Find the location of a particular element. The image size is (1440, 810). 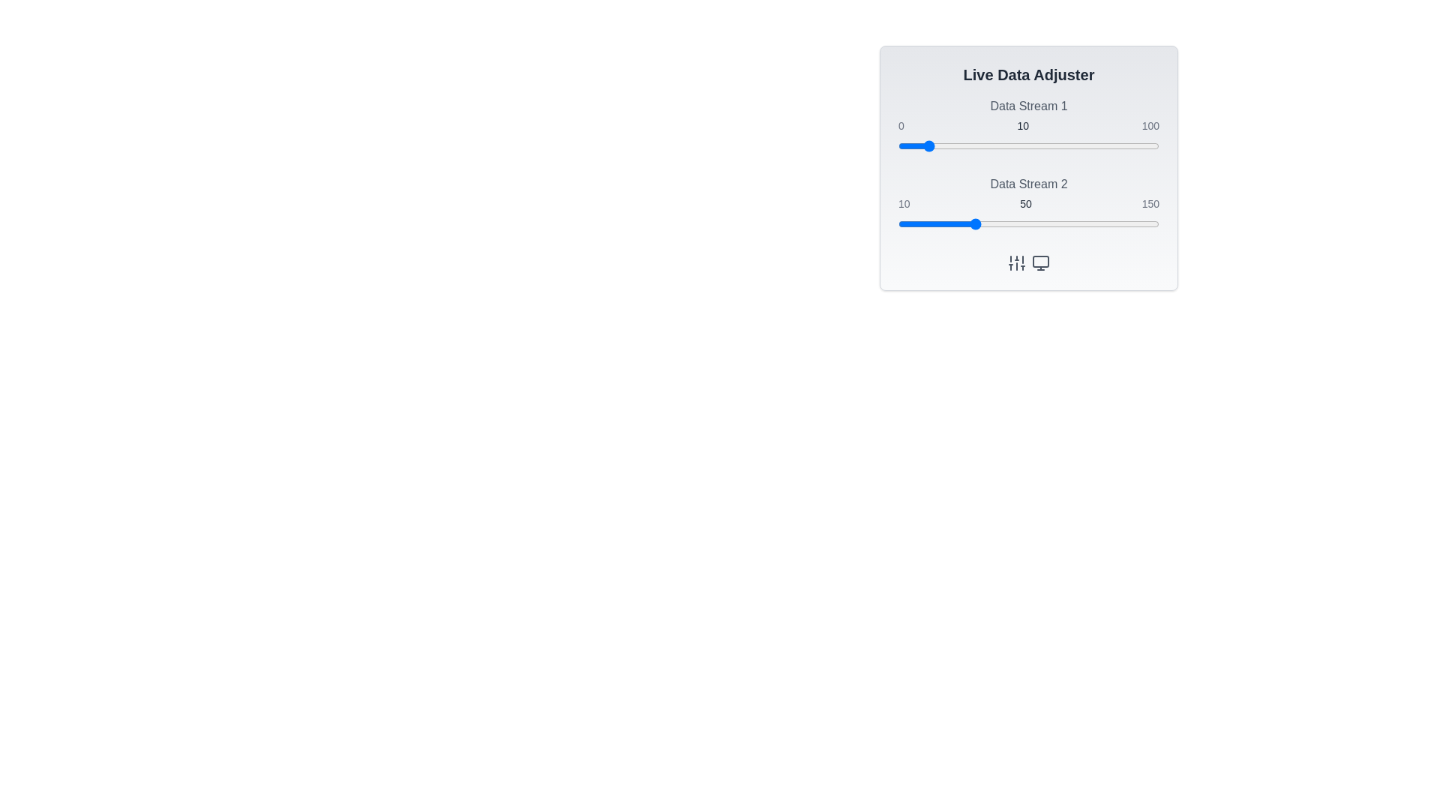

the Data Stream 1 value is located at coordinates (1102, 146).